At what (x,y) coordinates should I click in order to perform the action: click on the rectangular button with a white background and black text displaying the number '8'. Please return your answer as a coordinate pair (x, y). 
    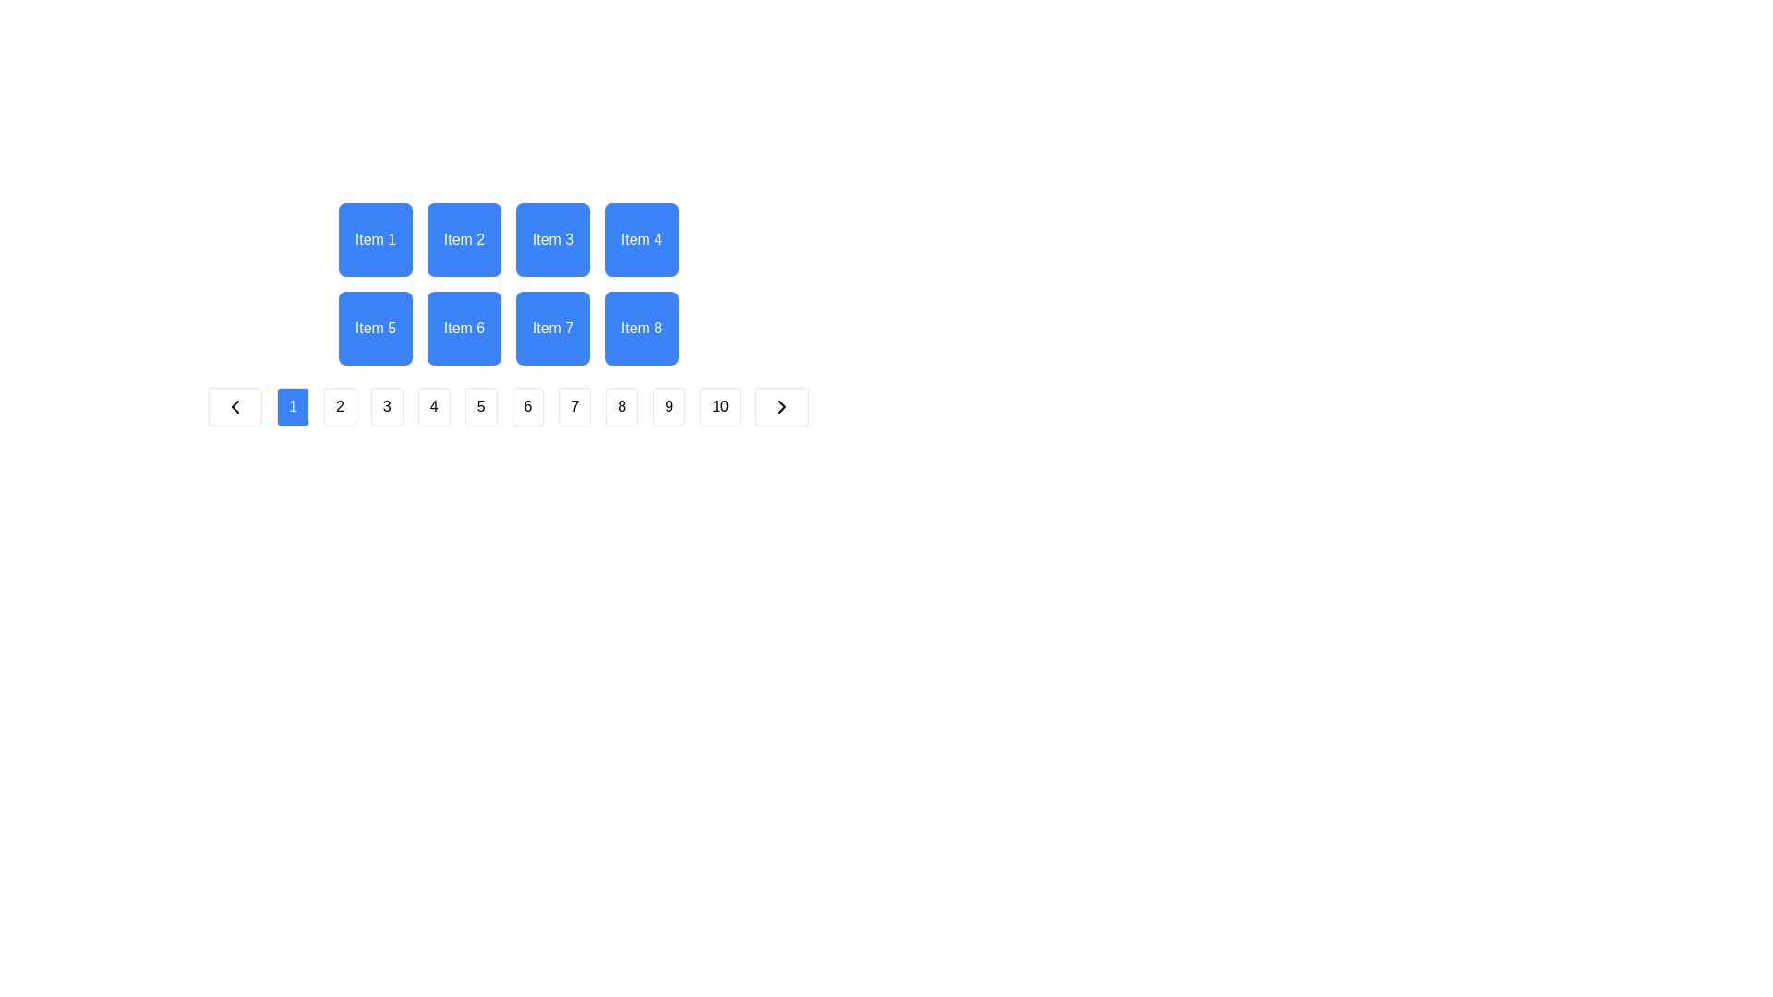
    Looking at the image, I should click on (621, 405).